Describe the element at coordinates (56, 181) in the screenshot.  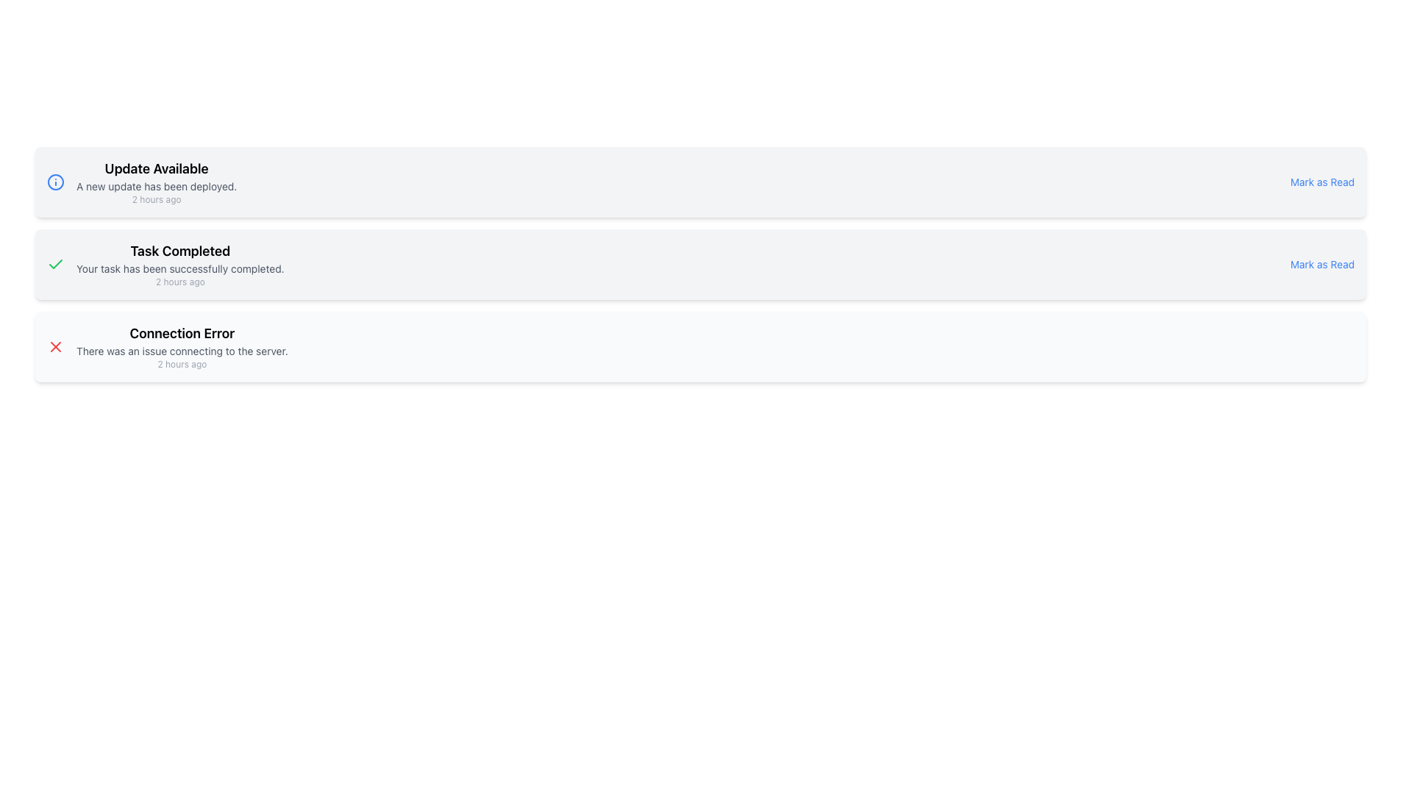
I see `the circular information icon outlined with a blue stroke, which contains an 'i' symbol, located to the left of the text 'Update Available' in the notification list` at that location.